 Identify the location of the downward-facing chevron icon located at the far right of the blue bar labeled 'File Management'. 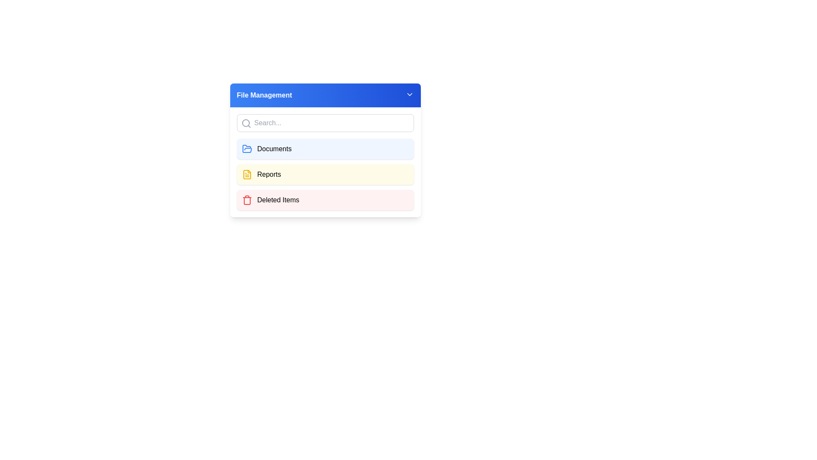
(409, 95).